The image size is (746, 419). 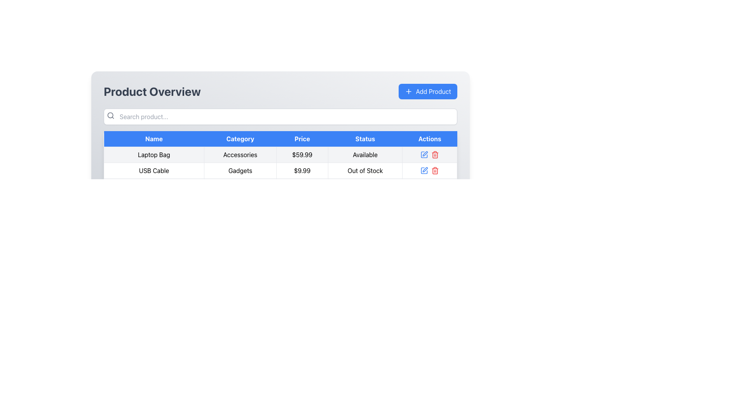 I want to click on the trash icon in the 'Actions' column corresponding to the product entry 'USB Cable' to change its color, so click(x=435, y=154).